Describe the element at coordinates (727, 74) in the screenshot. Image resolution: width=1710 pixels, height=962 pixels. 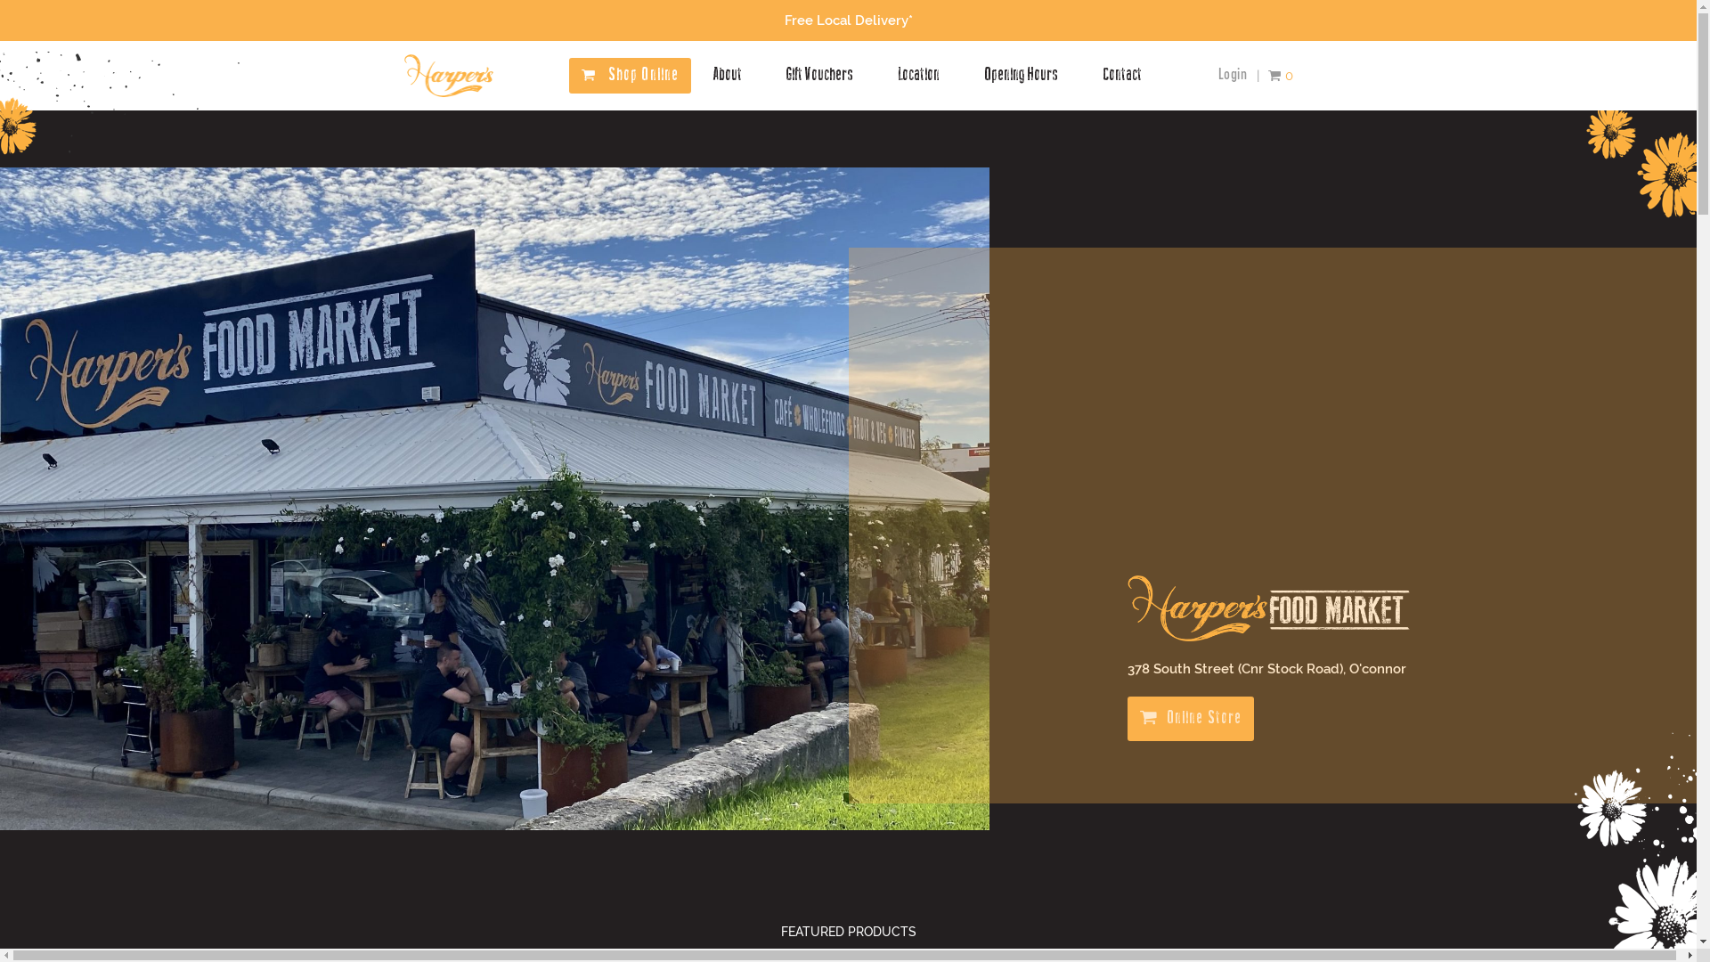
I see `'About'` at that location.